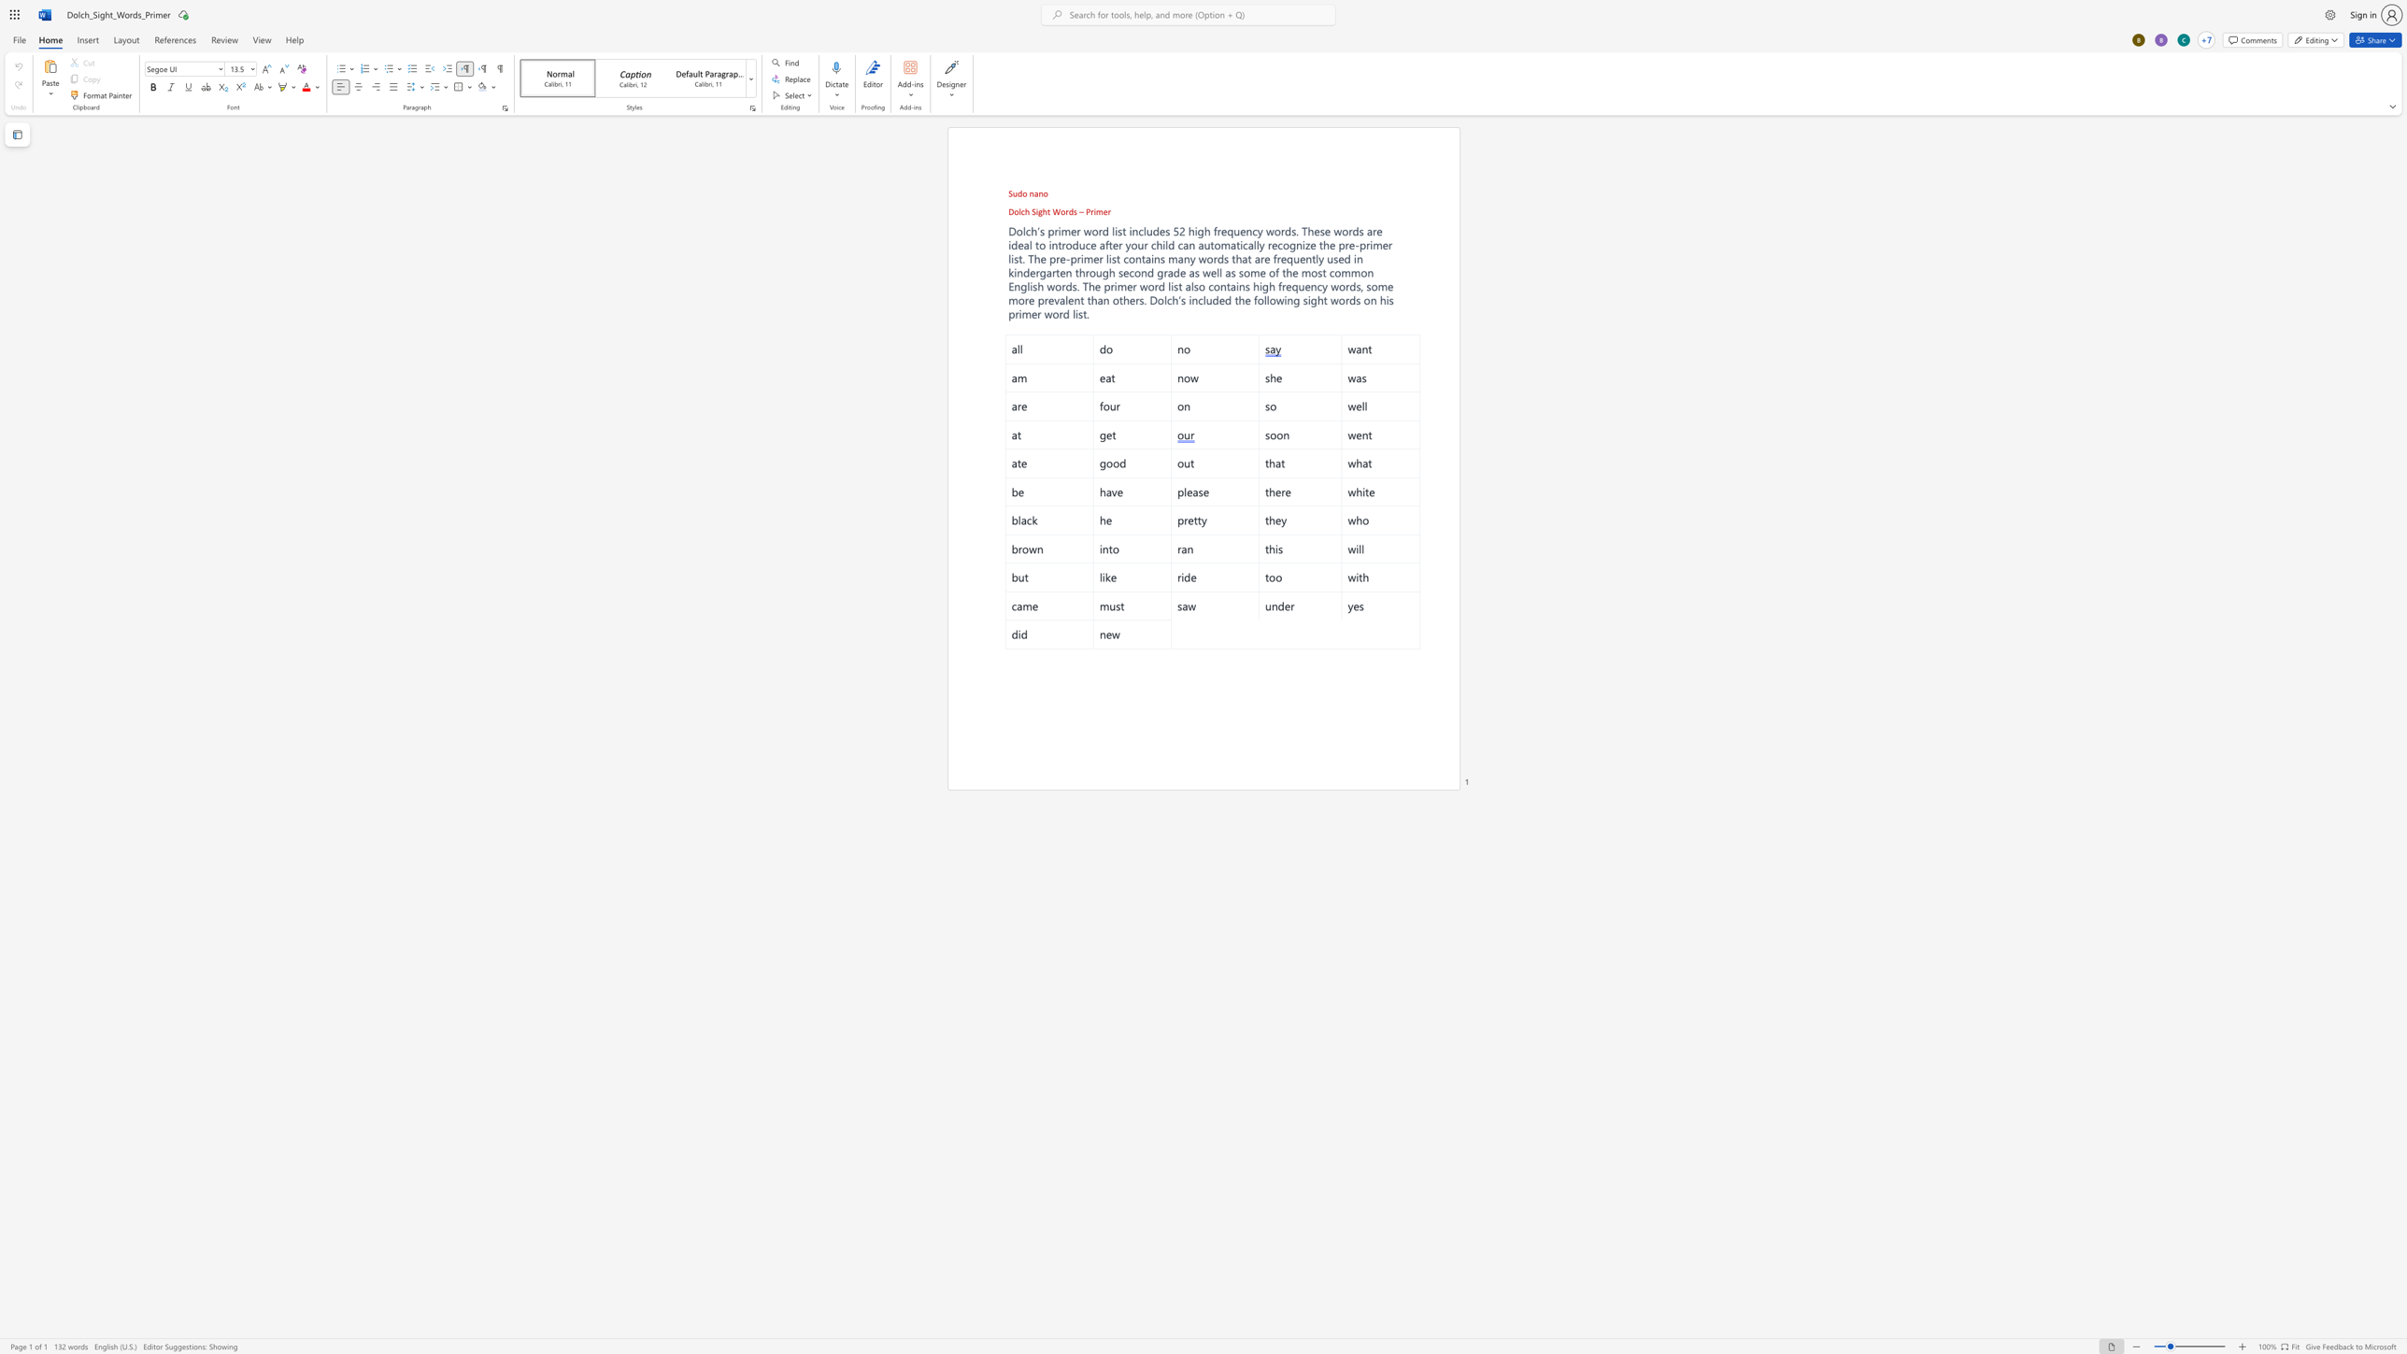  I want to click on the 1th character "t" in the text, so click(1048, 211).